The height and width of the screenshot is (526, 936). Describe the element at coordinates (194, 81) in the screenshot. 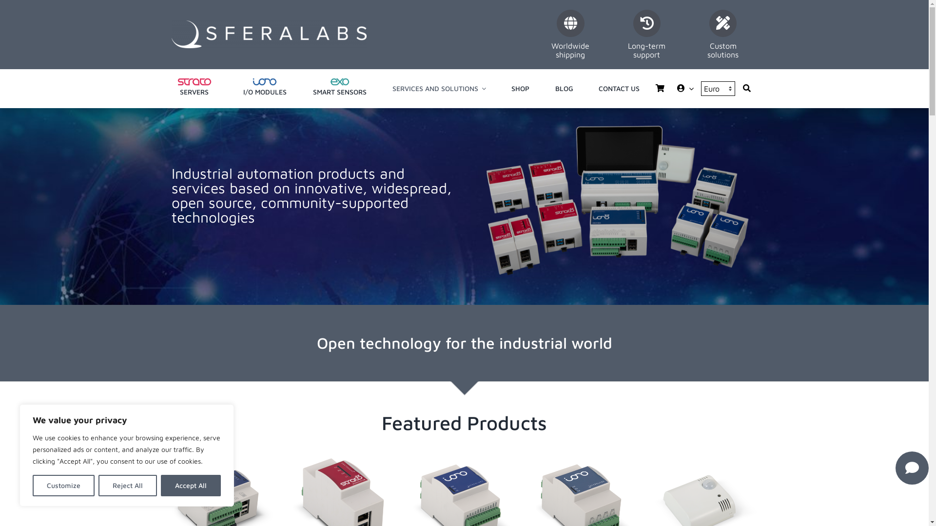

I see `'strato-line'` at that location.